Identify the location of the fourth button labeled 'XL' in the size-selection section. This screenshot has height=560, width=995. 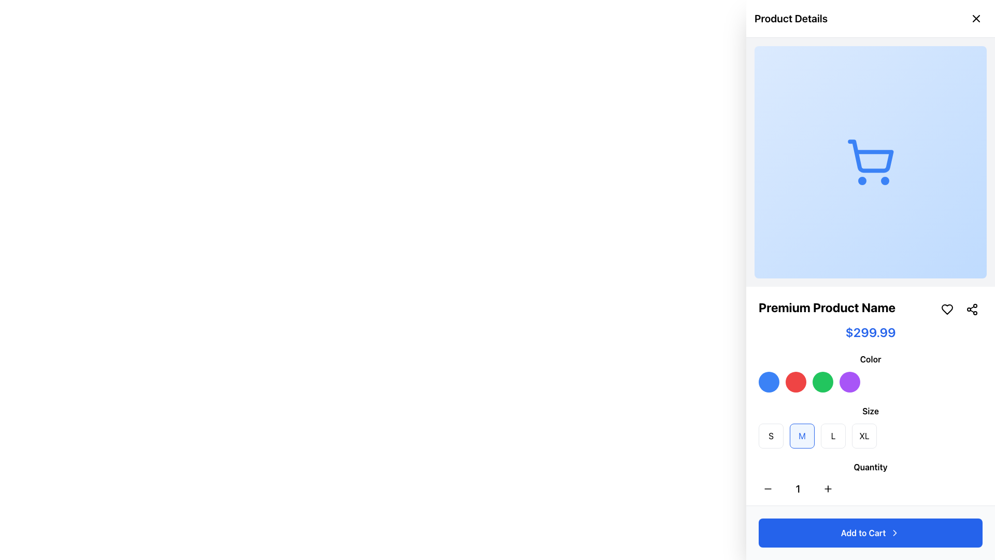
(864, 436).